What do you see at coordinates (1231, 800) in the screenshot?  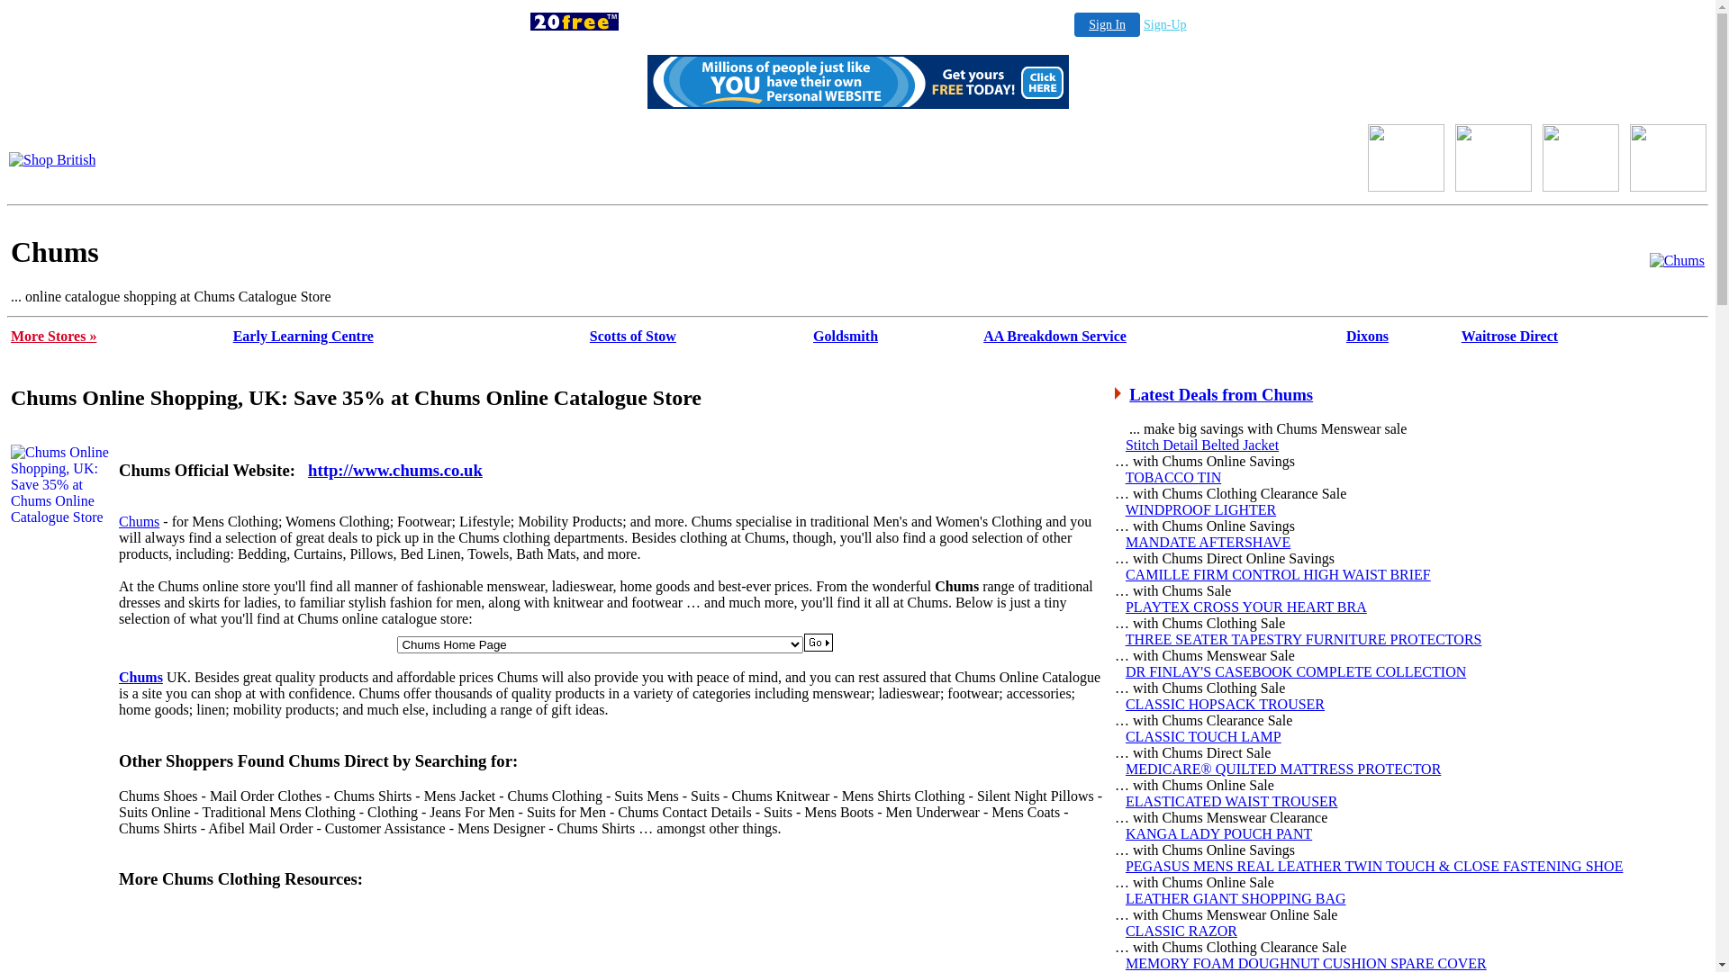 I see `'ELASTICATED WAIST TROUSER'` at bounding box center [1231, 800].